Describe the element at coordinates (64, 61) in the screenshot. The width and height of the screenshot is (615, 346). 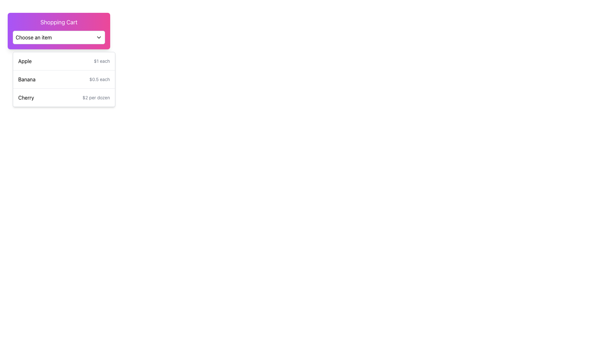
I see `the first selectable product item in the shopping cart interface, which displays the name and price of the product, located directly below the 'Choose an item' dropdown` at that location.